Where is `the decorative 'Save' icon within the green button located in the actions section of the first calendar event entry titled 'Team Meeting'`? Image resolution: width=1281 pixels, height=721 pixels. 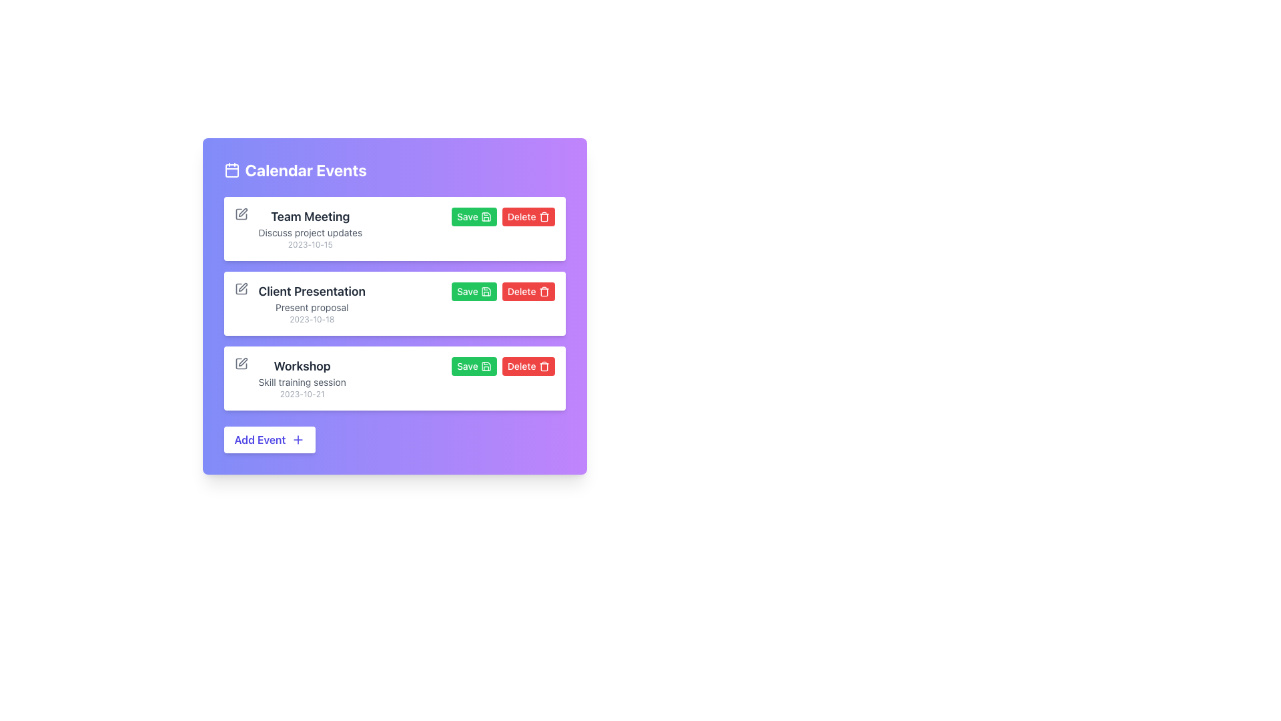 the decorative 'Save' icon within the green button located in the actions section of the first calendar event entry titled 'Team Meeting' is located at coordinates (485, 216).